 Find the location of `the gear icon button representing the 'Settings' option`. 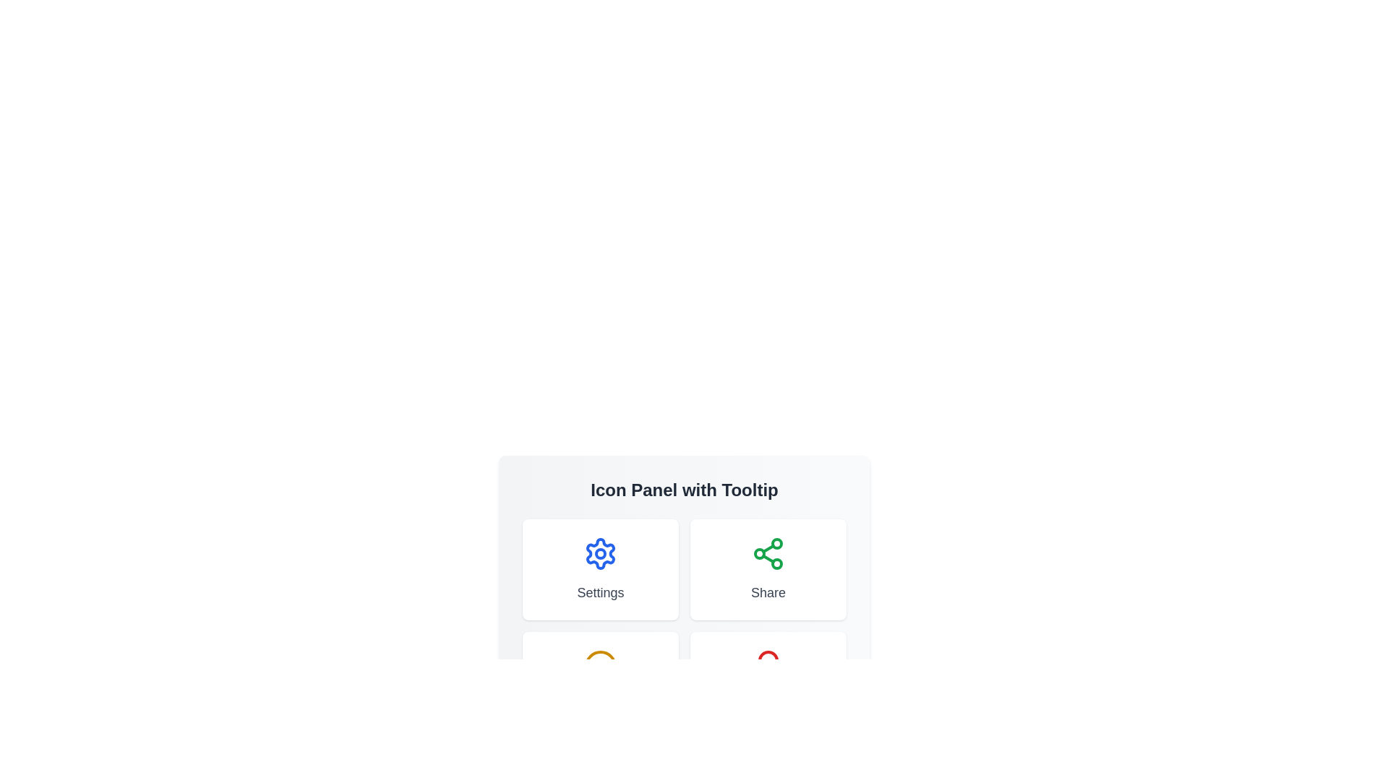

the gear icon button representing the 'Settings' option is located at coordinates (600, 553).